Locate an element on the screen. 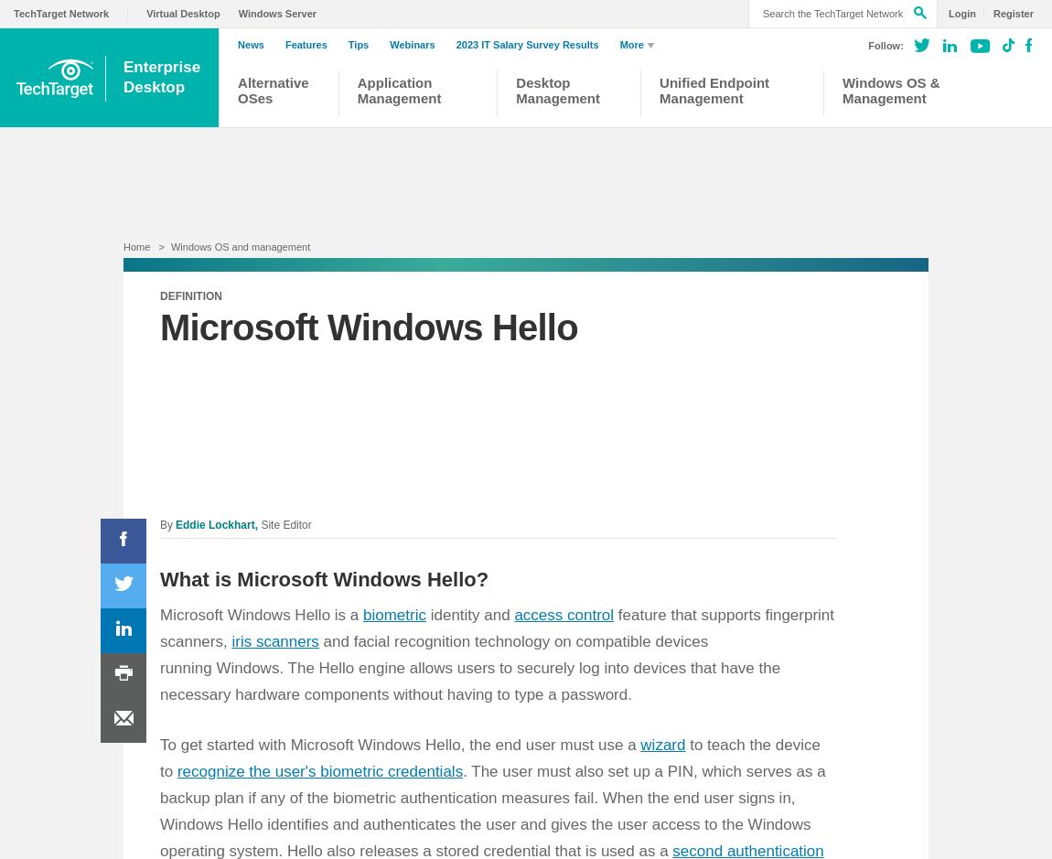 Image resolution: width=1052 pixels, height=859 pixels. 'Eddie Lockhart,' is located at coordinates (175, 524).